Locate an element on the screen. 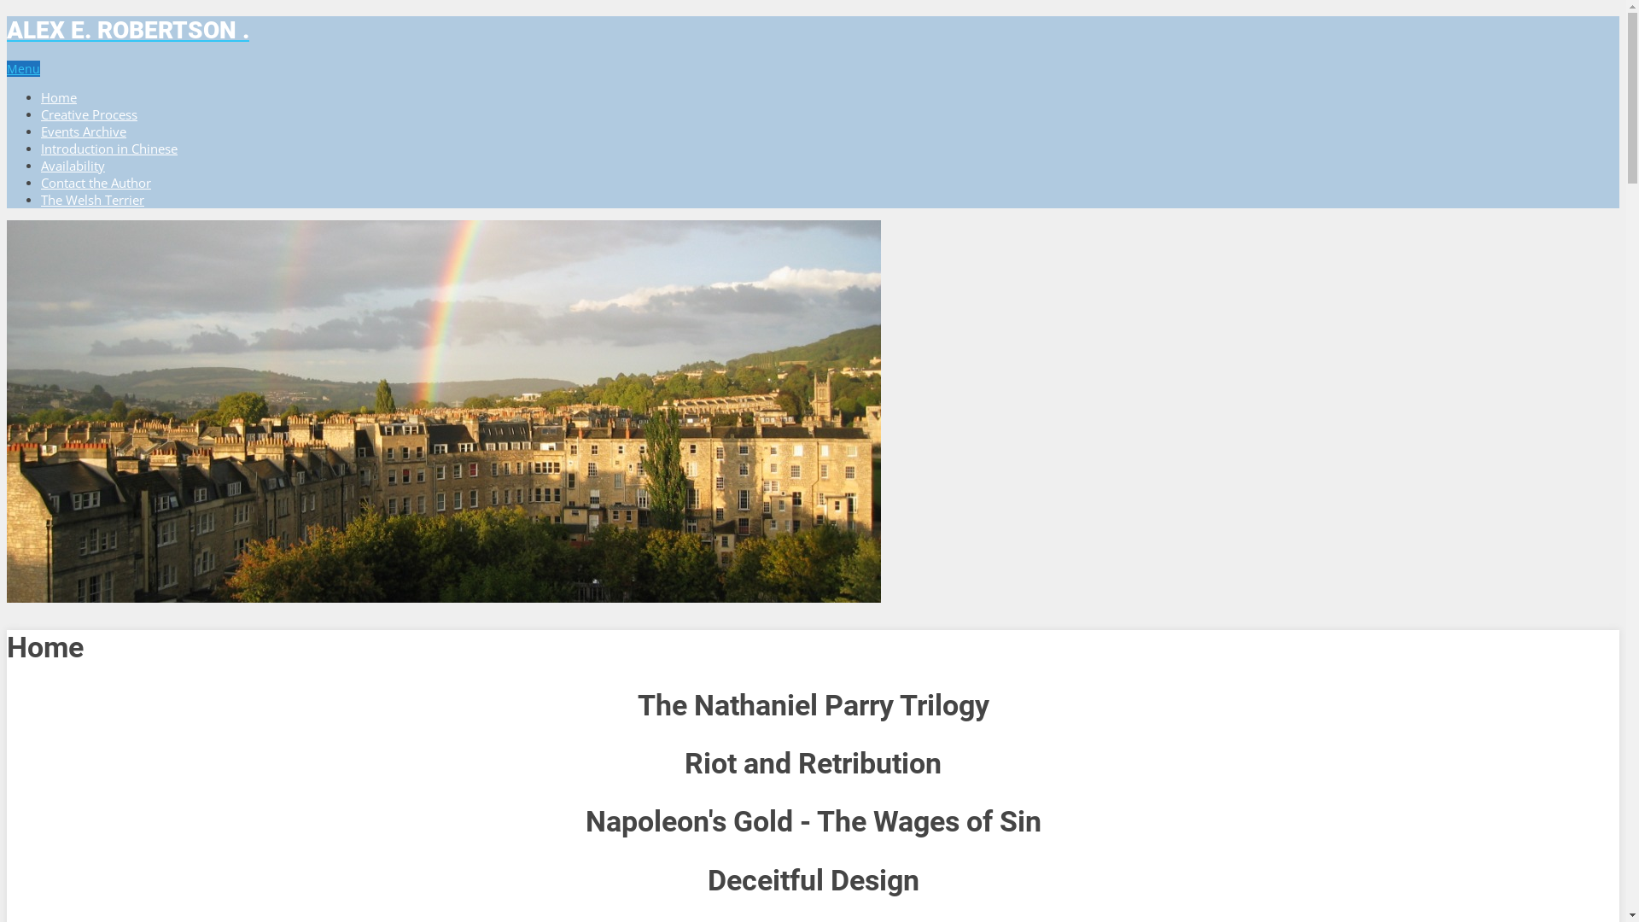 The height and width of the screenshot is (922, 1639). 'Availability' is located at coordinates (72, 165).